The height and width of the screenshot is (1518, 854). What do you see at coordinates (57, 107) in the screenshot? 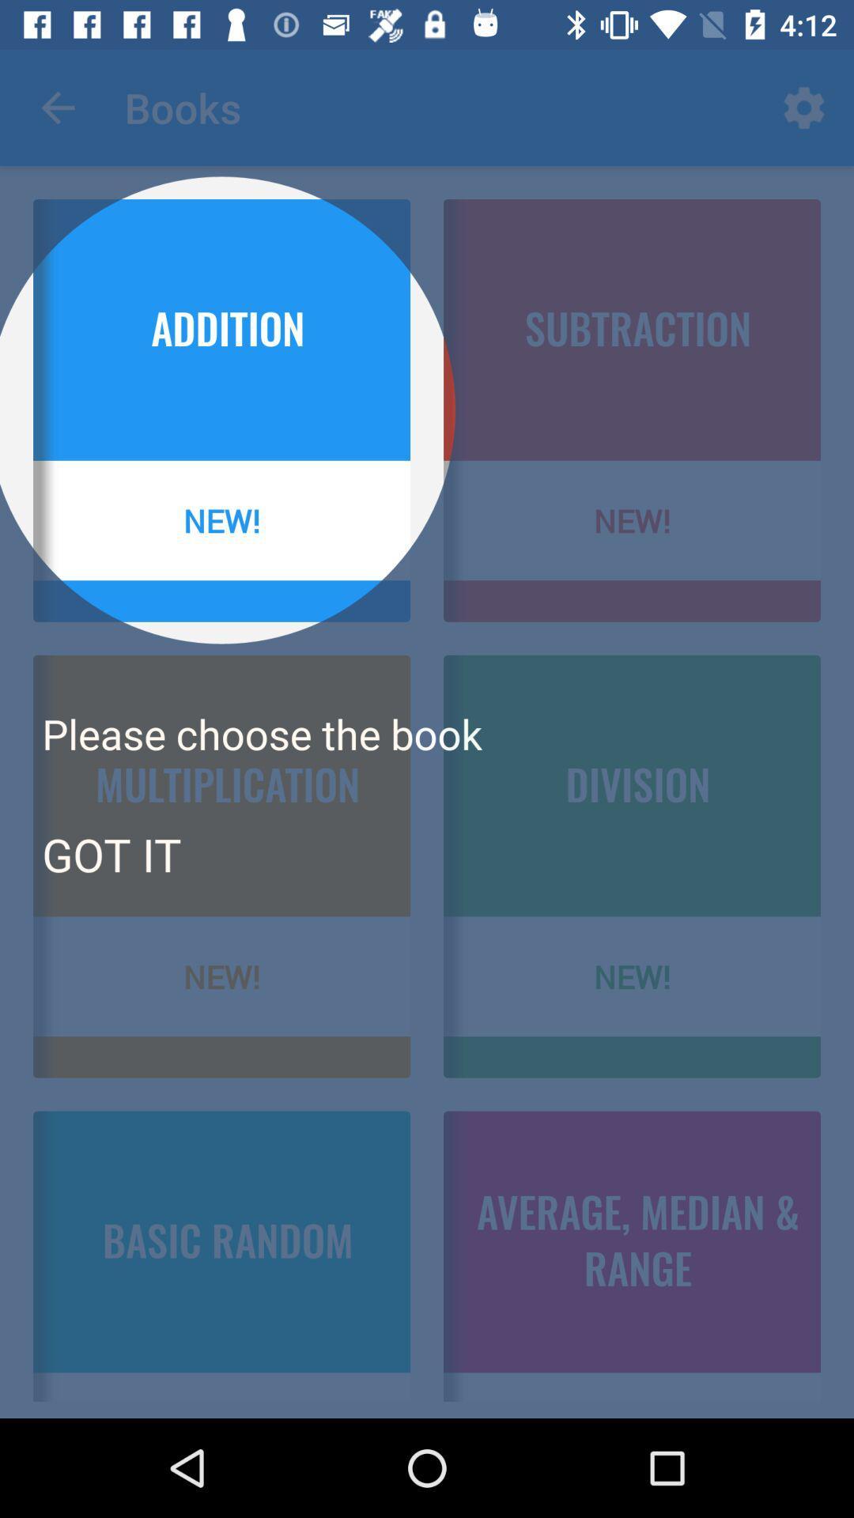
I see `the app to the left of the books icon` at bounding box center [57, 107].